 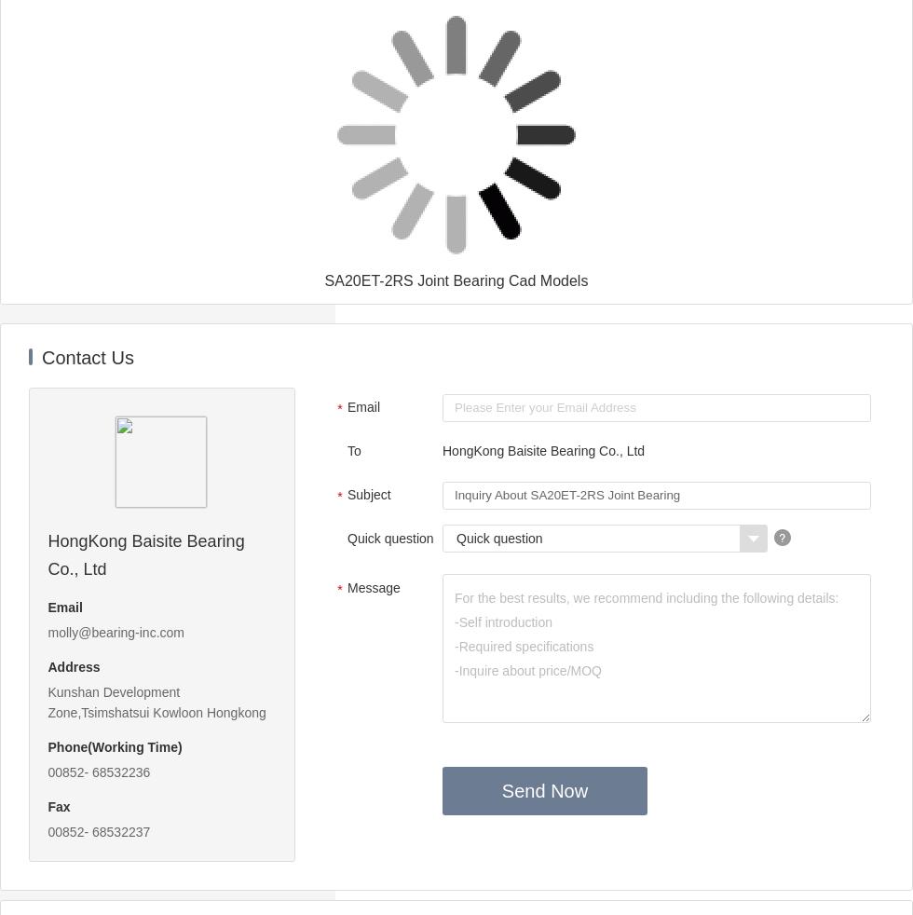 I want to click on 'To', so click(x=354, y=451).